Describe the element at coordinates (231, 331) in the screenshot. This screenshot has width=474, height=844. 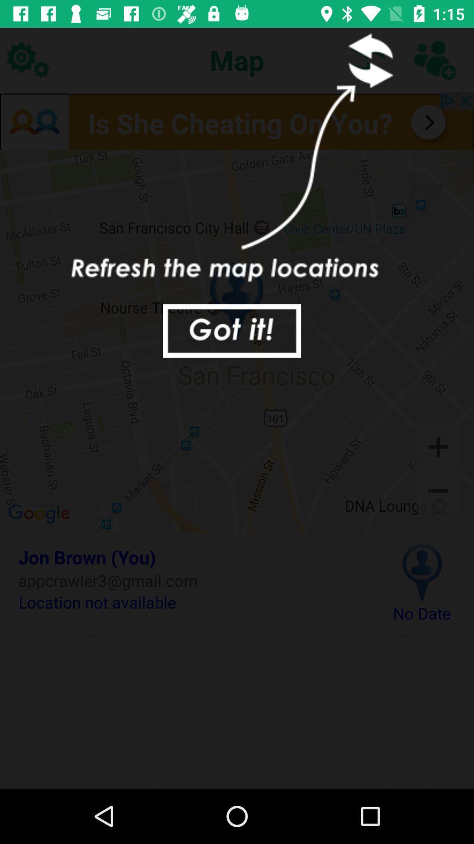
I see `got it` at that location.